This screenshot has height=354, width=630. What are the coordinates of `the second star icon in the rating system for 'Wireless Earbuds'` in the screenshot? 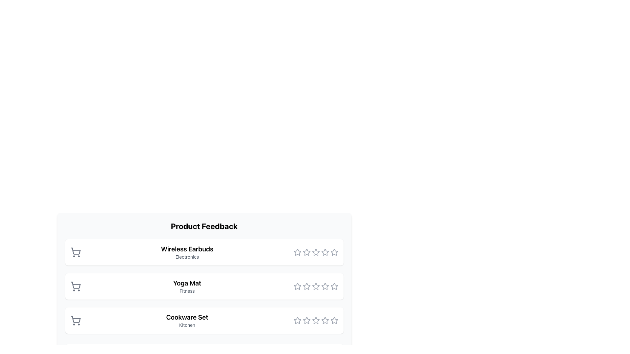 It's located at (306, 252).